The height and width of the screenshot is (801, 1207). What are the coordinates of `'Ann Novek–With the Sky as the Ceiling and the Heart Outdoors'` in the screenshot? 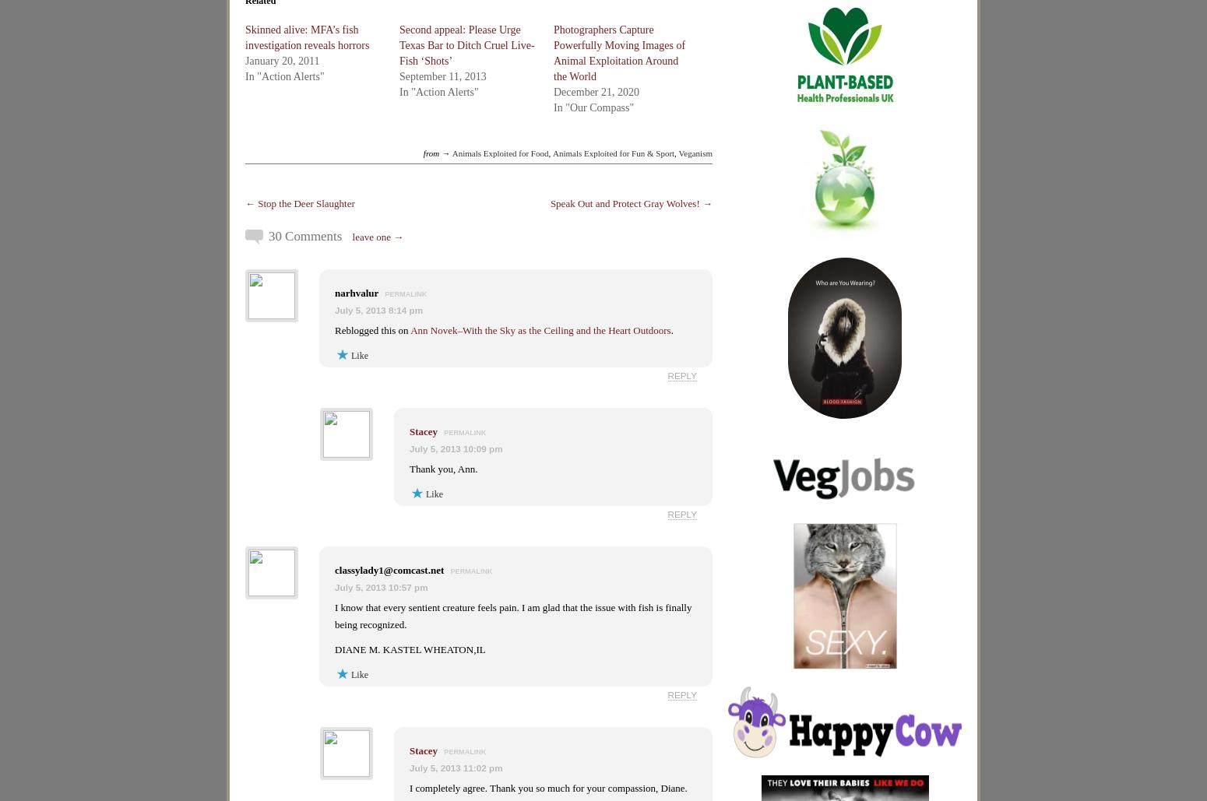 It's located at (410, 329).